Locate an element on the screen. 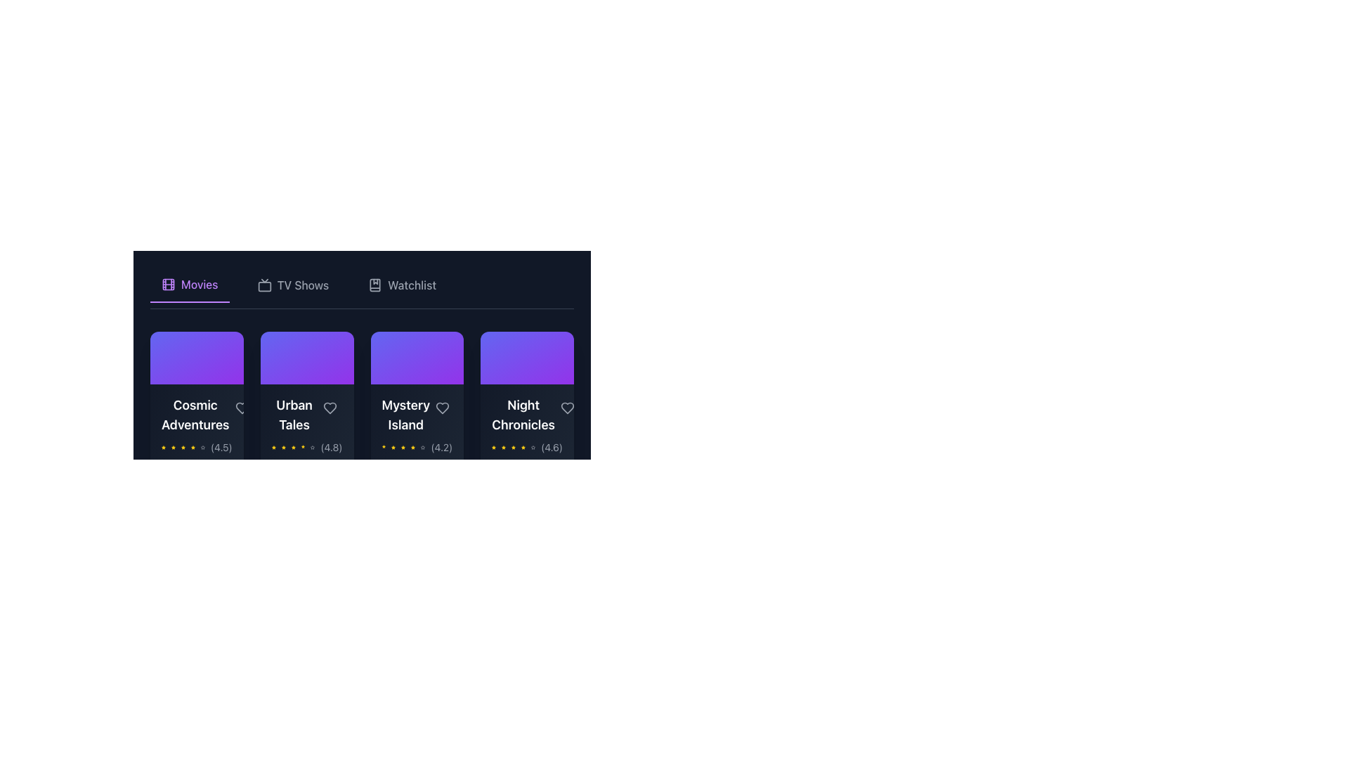 This screenshot has height=759, width=1349. the composite element containing star icons and the rating value '(4.2)' located beneath the title 'Mystery Island' in the movie card component is located at coordinates (416, 447).